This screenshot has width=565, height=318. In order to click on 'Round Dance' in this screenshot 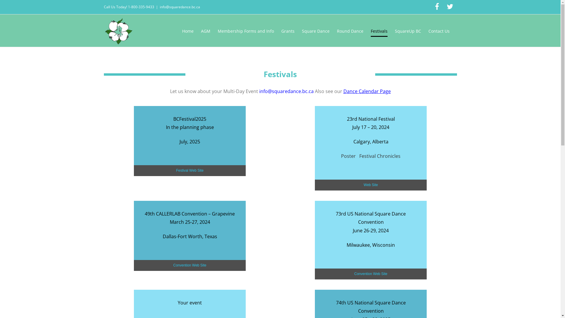, I will do `click(350, 31)`.